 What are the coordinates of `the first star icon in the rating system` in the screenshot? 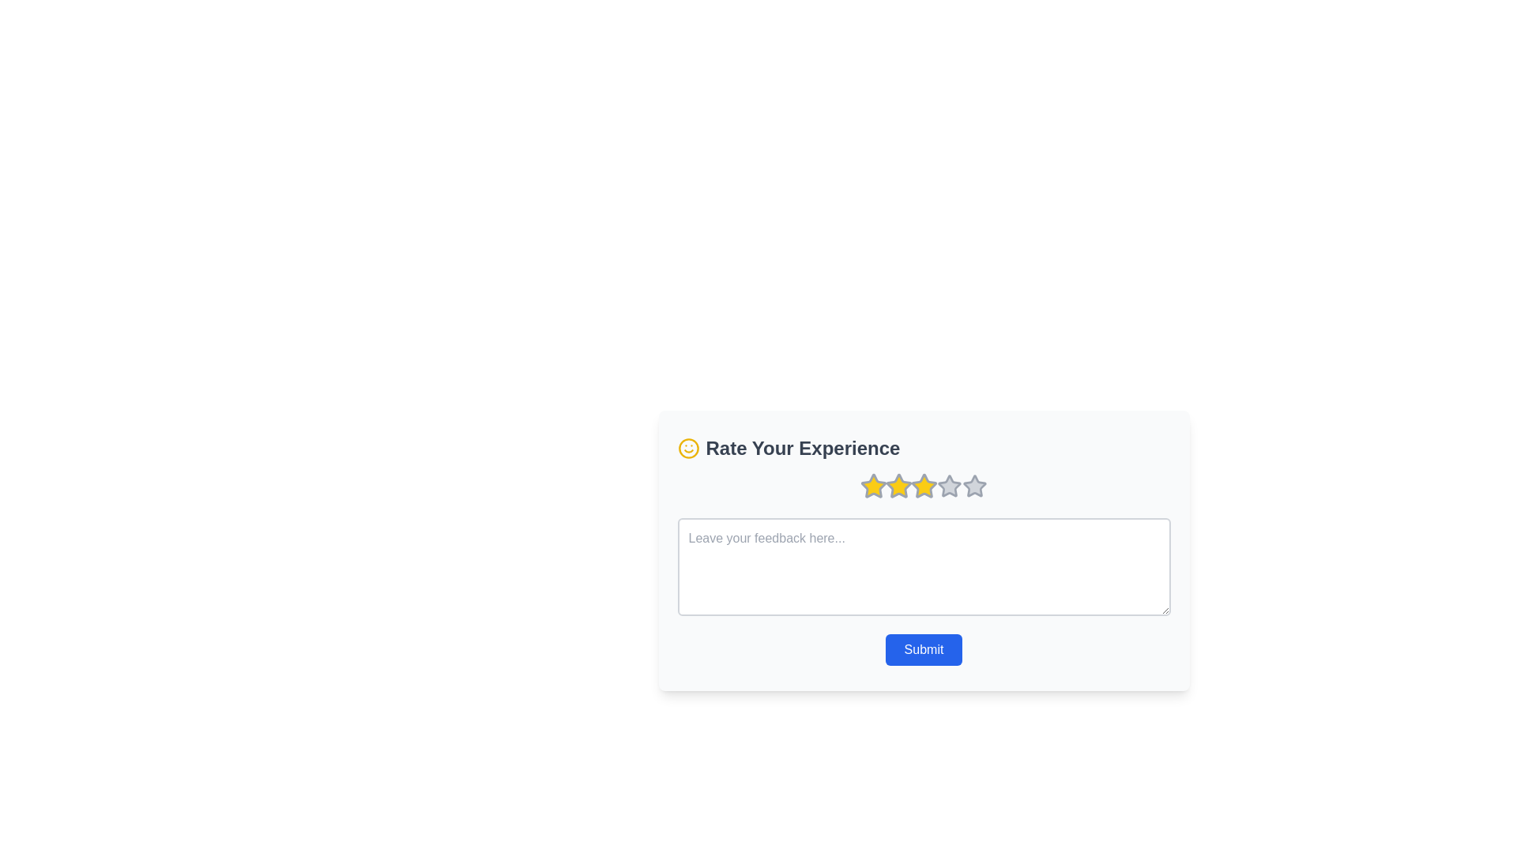 It's located at (872, 485).